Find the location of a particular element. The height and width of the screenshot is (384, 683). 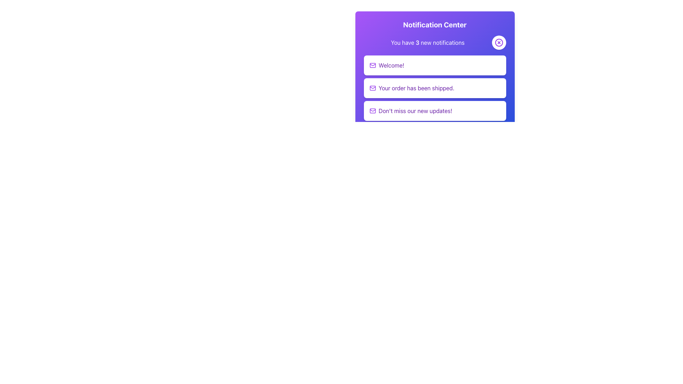

the third notification item in the notification panel is located at coordinates (434, 111).